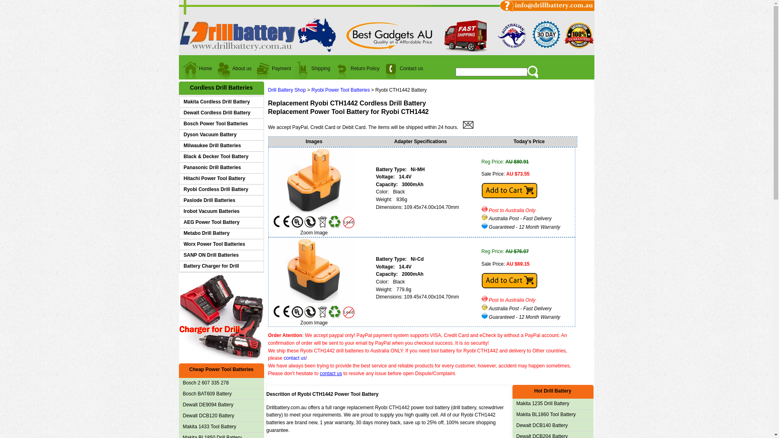  What do you see at coordinates (216, 71) in the screenshot?
I see `'About us'` at bounding box center [216, 71].